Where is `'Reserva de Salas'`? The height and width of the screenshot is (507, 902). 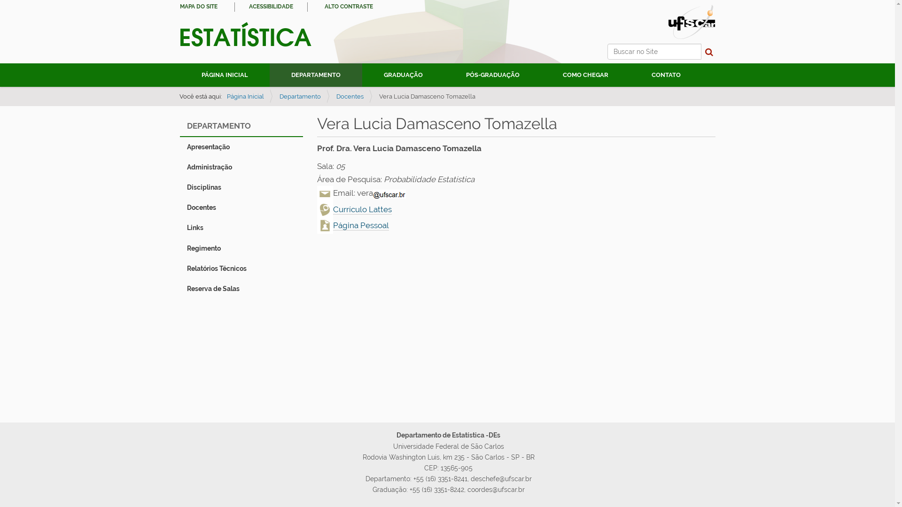
'Reserva de Salas' is located at coordinates (213, 288).